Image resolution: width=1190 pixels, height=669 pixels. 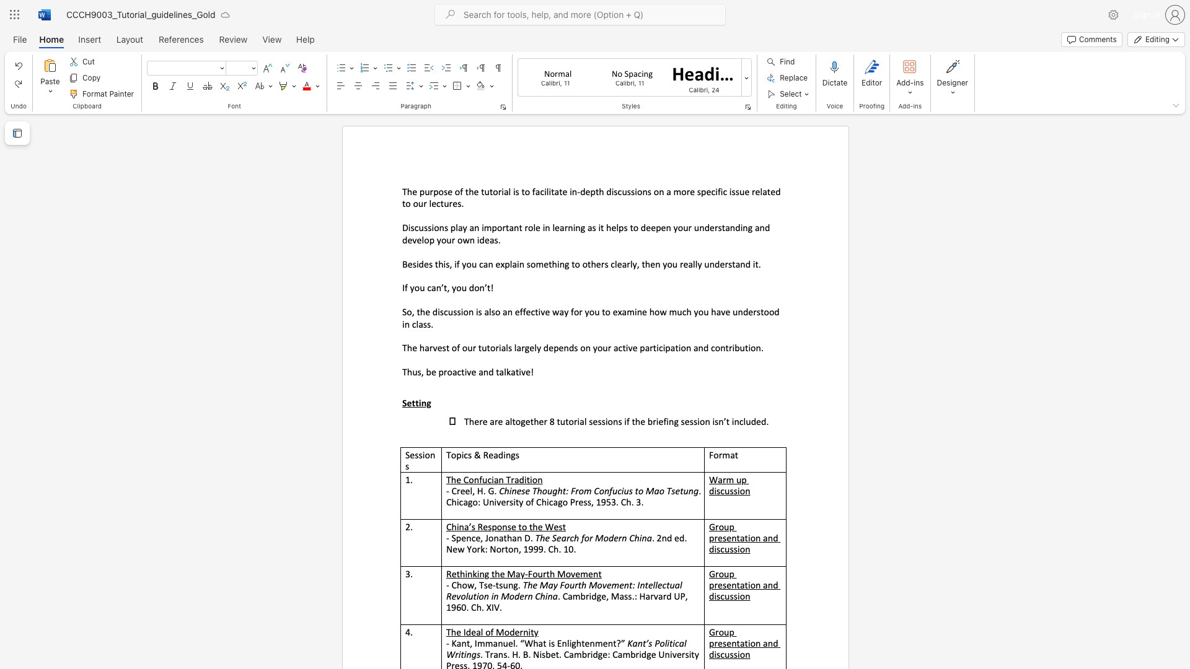 I want to click on the subset text "derni" within the text "The Ideal of Modernity", so click(x=509, y=632).